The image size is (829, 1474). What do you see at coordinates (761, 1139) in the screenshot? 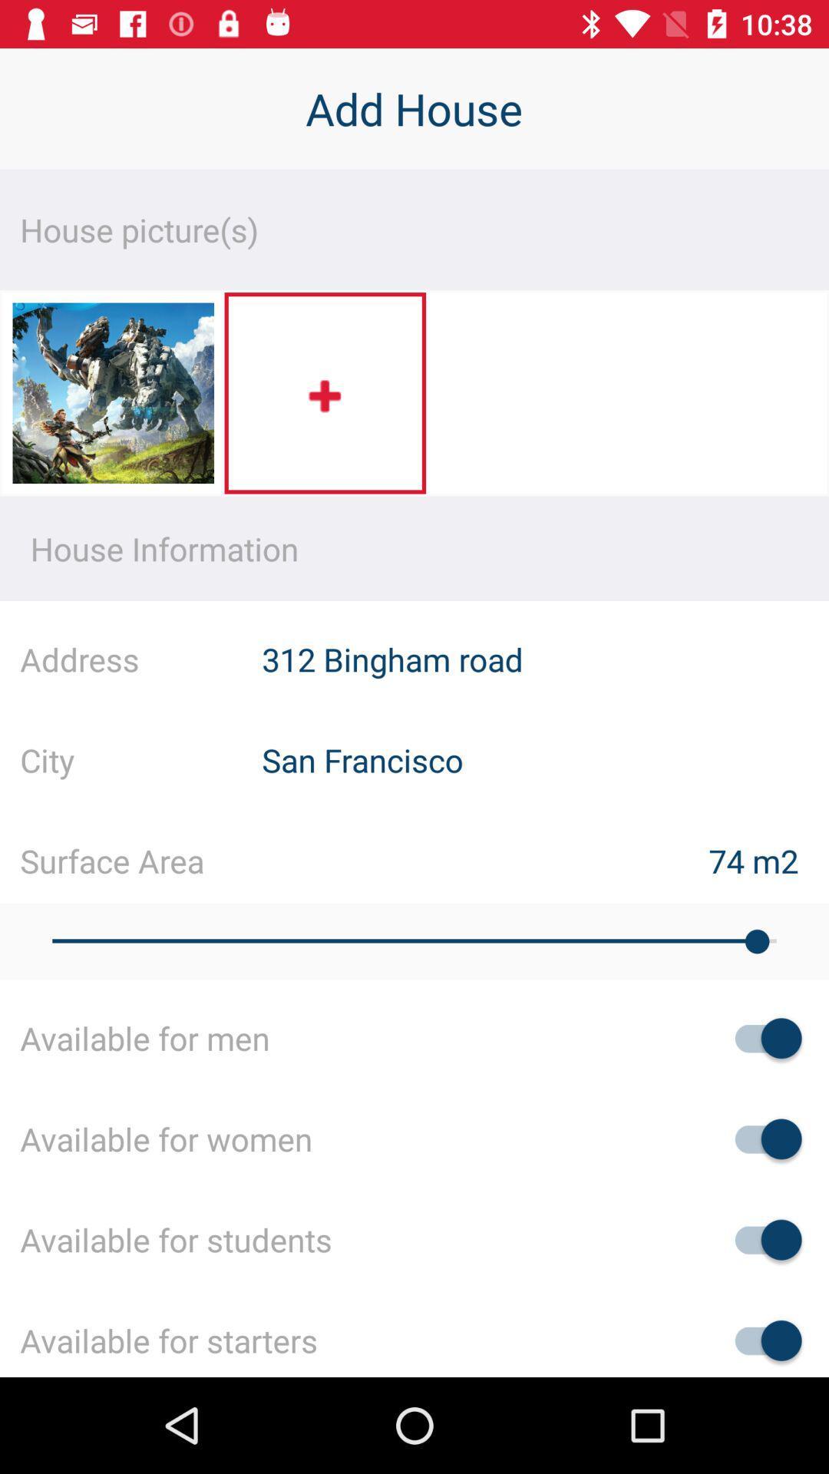
I see `switch available for women option` at bounding box center [761, 1139].